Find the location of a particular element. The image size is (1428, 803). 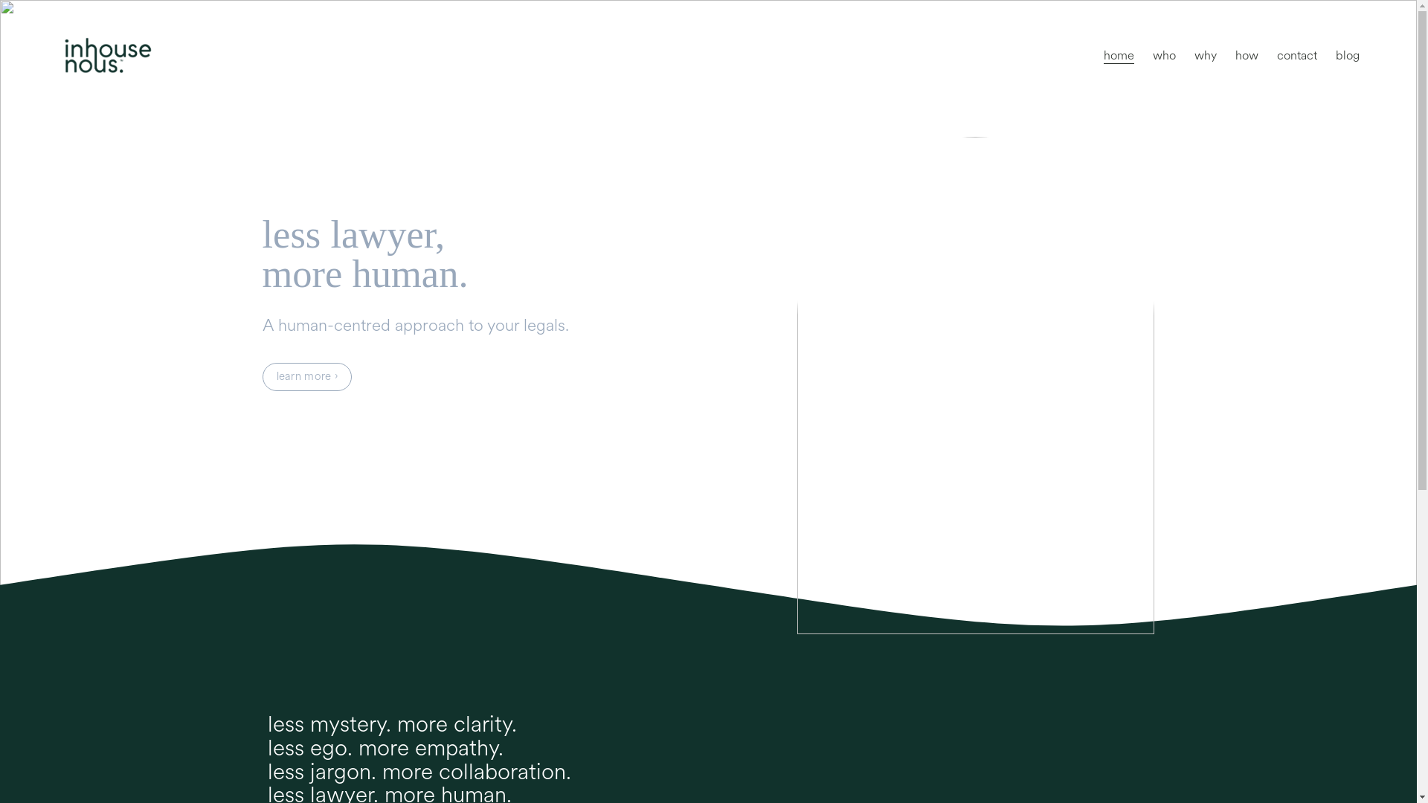

'why' is located at coordinates (1206, 54).